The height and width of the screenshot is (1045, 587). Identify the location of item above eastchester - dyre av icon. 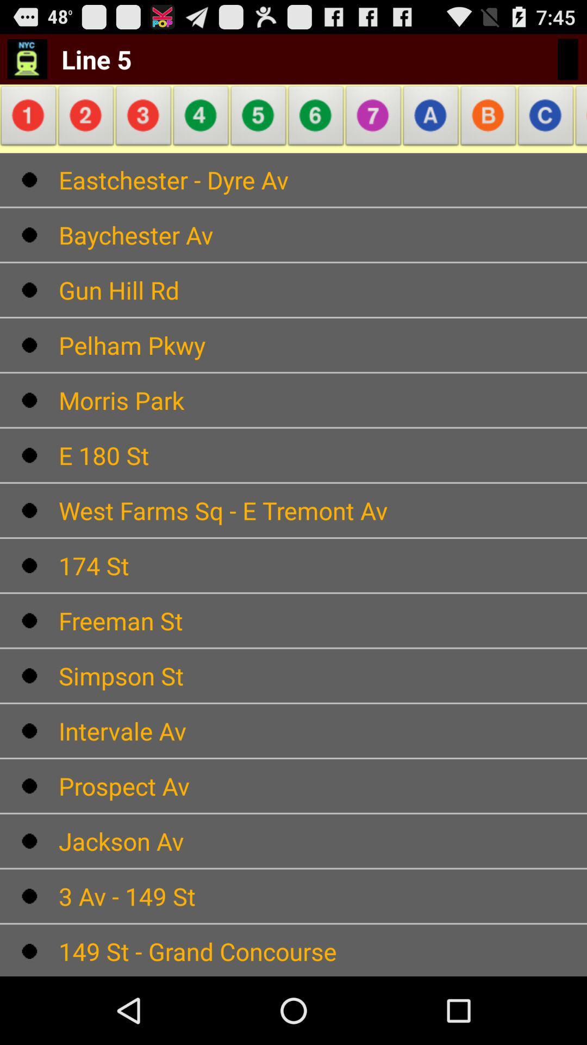
(488, 119).